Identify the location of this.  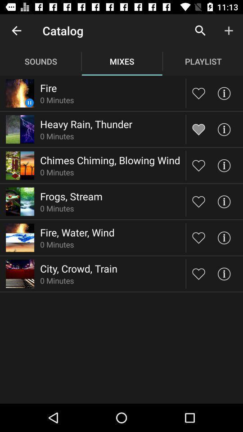
(198, 201).